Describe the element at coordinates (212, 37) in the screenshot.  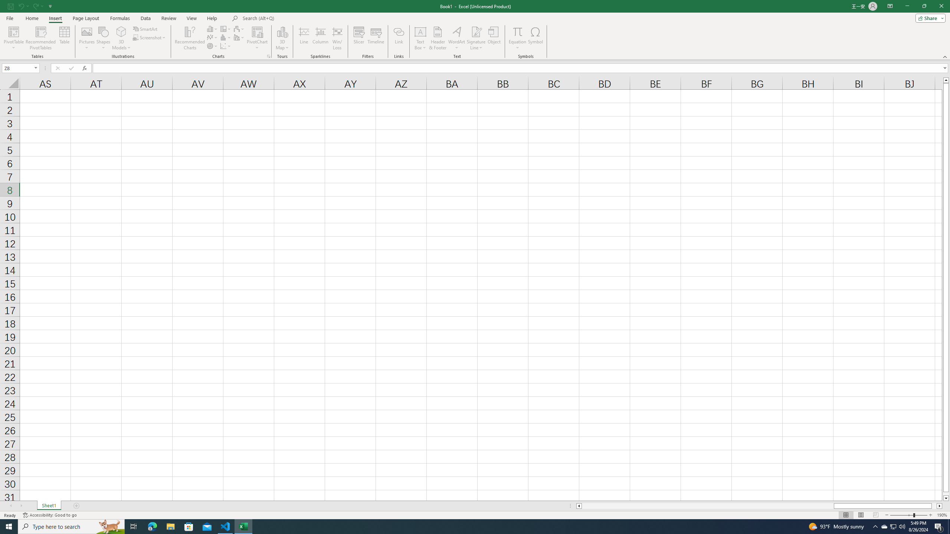
I see `'Insert Line or Area Chart'` at that location.